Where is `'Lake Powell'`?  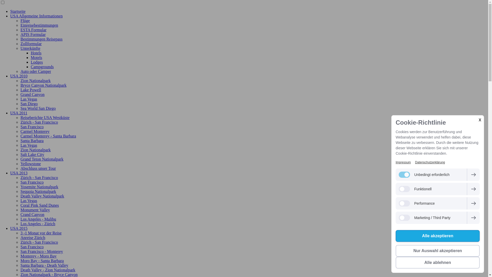
'Lake Powell' is located at coordinates (30, 90).